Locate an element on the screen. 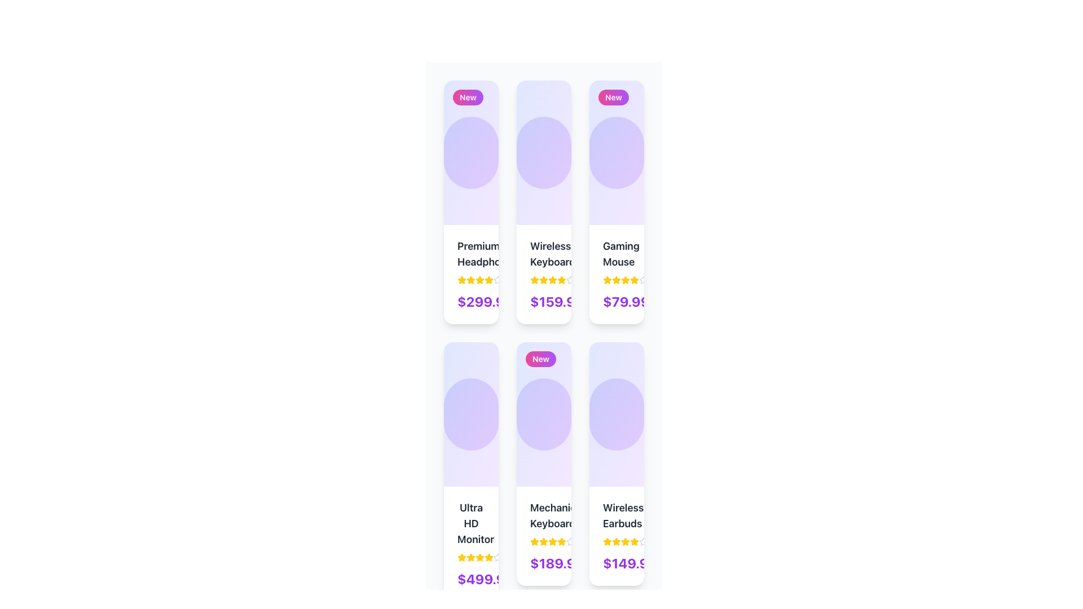 The image size is (1083, 609). the static text element that serves as the product title in the second column of the top row of the product display grid is located at coordinates (544, 254).